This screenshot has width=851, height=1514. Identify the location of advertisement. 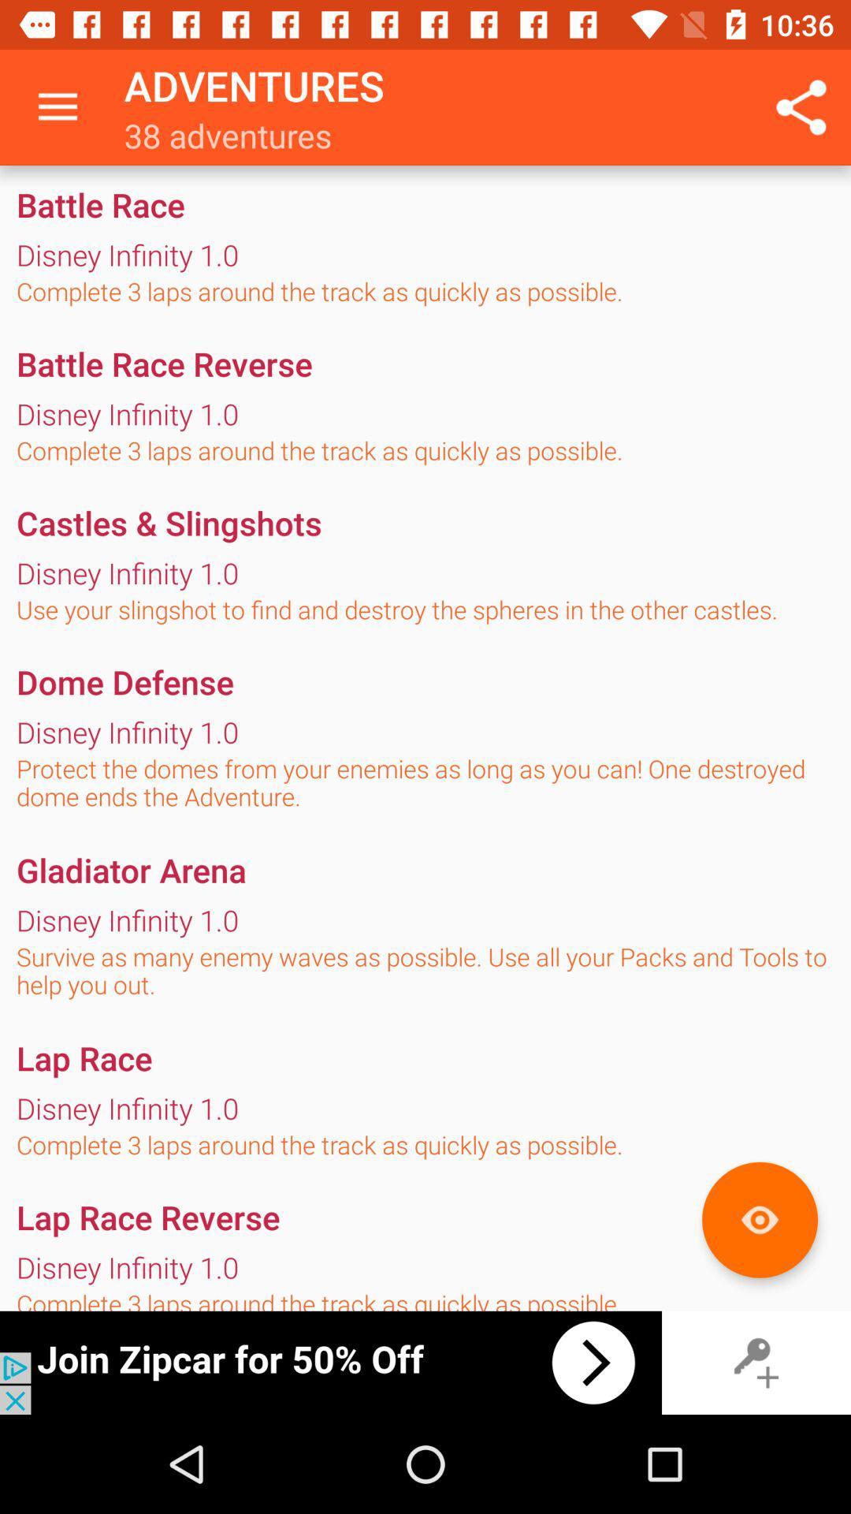
(330, 1362).